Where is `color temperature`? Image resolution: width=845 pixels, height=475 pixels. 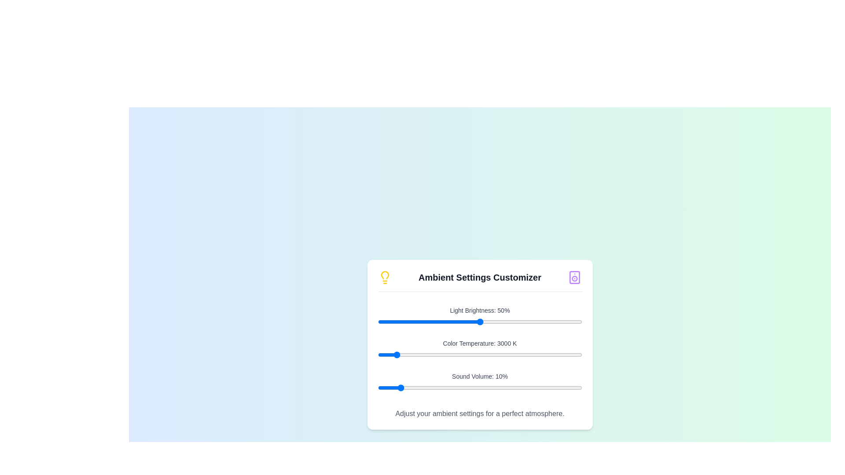 color temperature is located at coordinates (389, 354).